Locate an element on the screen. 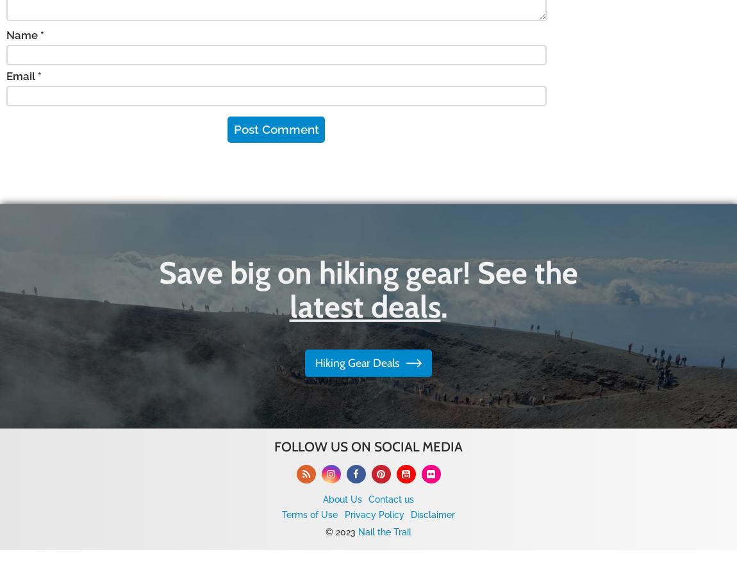 This screenshot has height=584, width=737. 'Follow us on social media' is located at coordinates (369, 446).